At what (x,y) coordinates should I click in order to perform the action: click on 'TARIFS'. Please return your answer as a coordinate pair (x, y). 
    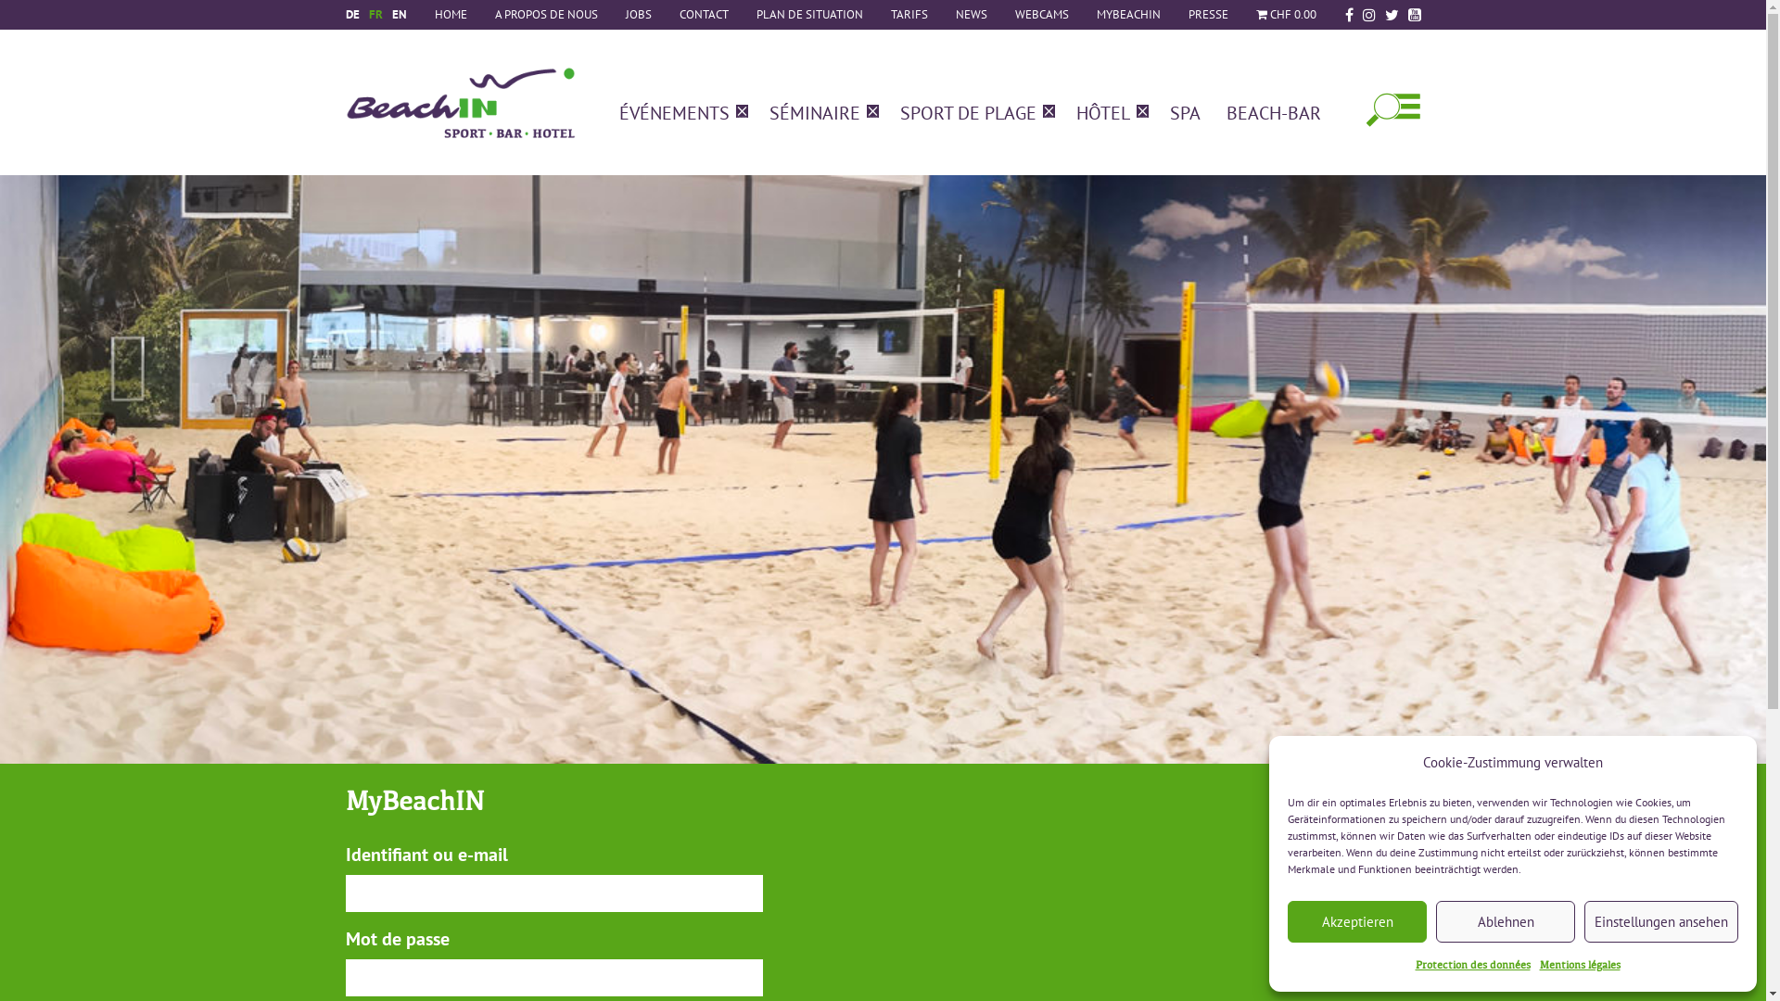
    Looking at the image, I should click on (909, 14).